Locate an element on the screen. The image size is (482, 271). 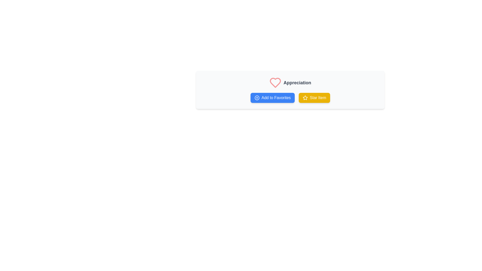
the 'Star Item' button is located at coordinates (314, 98).